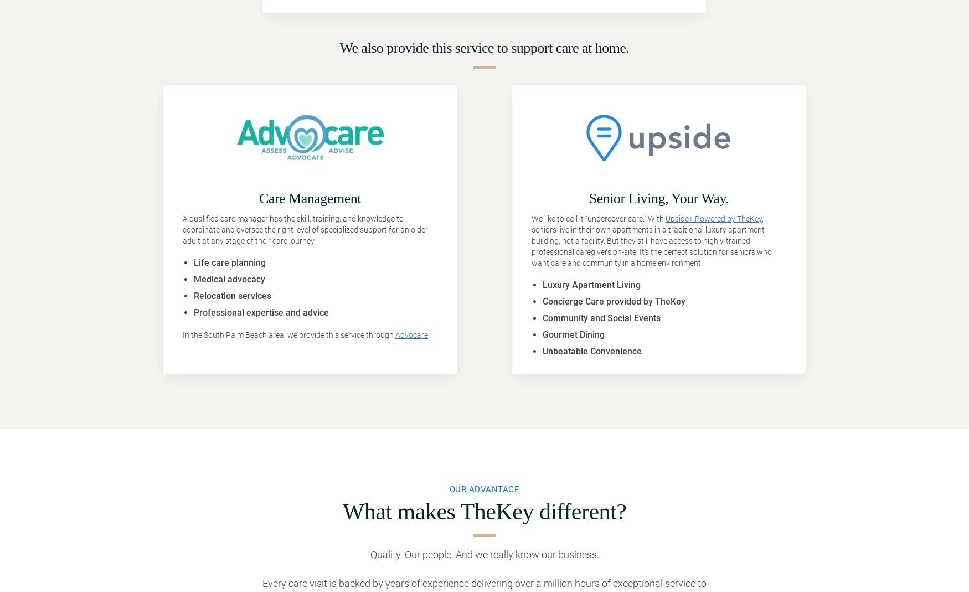 Image resolution: width=969 pixels, height=592 pixels. What do you see at coordinates (484, 488) in the screenshot?
I see `'Our Advantage'` at bounding box center [484, 488].